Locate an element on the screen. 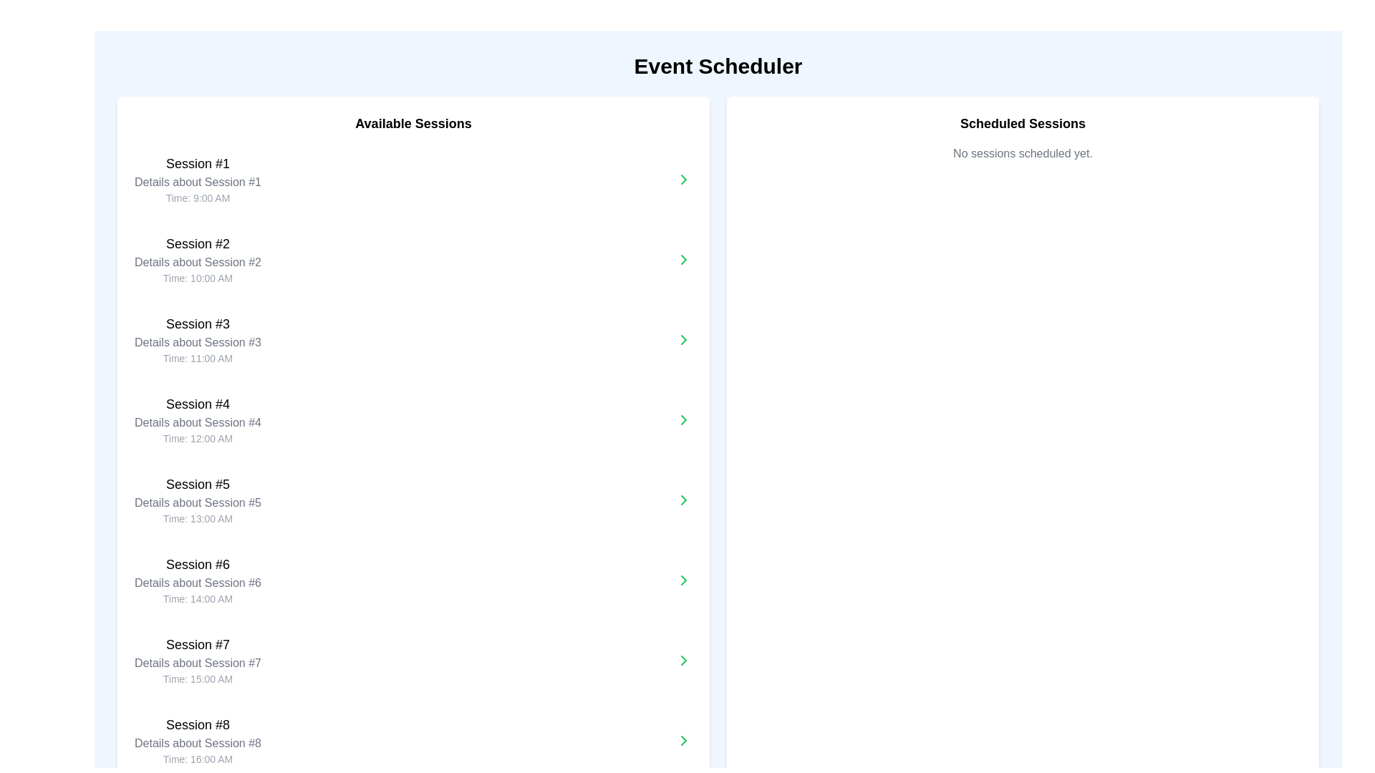 The height and width of the screenshot is (773, 1375). the Text Label that serves as a heading for the fourth session in the 'Available Sessions' list, which is located at the top of its group, above the details and time information is located at coordinates (197, 404).